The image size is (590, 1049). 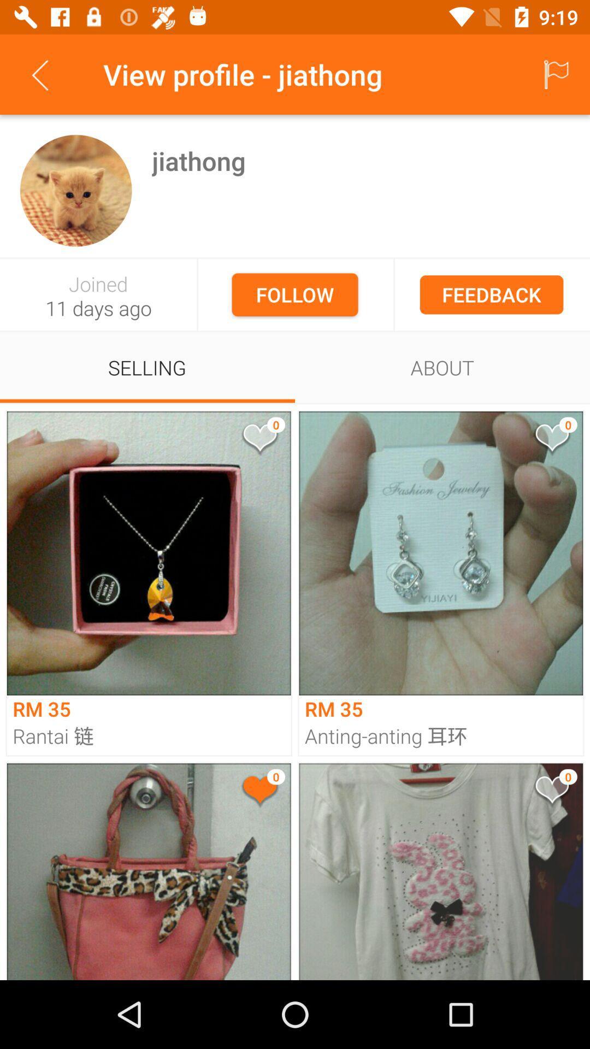 I want to click on like the product, so click(x=551, y=440).